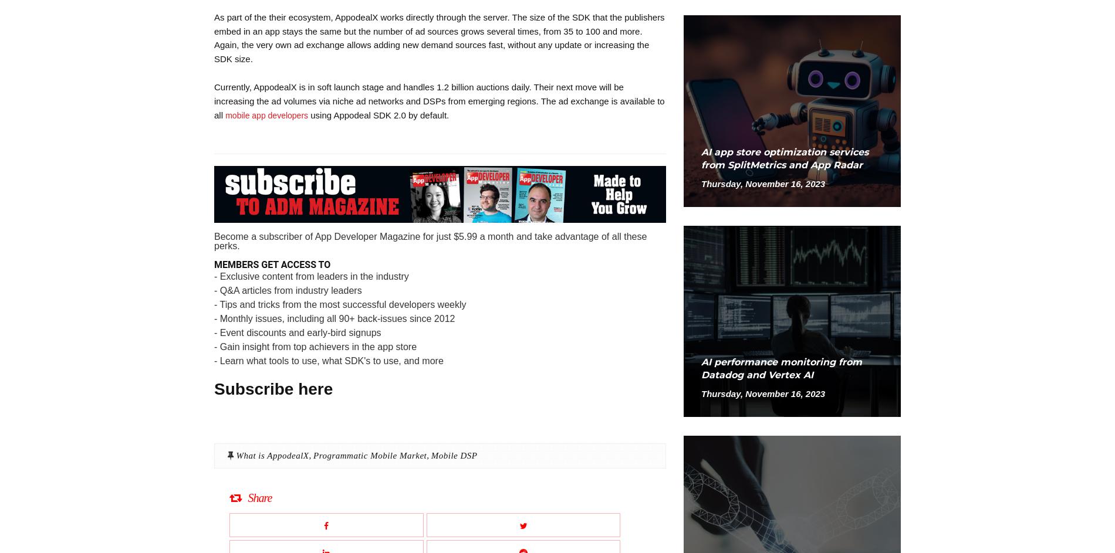  Describe the element at coordinates (213, 264) in the screenshot. I see `'MEMBERS GET ACCESS TO'` at that location.